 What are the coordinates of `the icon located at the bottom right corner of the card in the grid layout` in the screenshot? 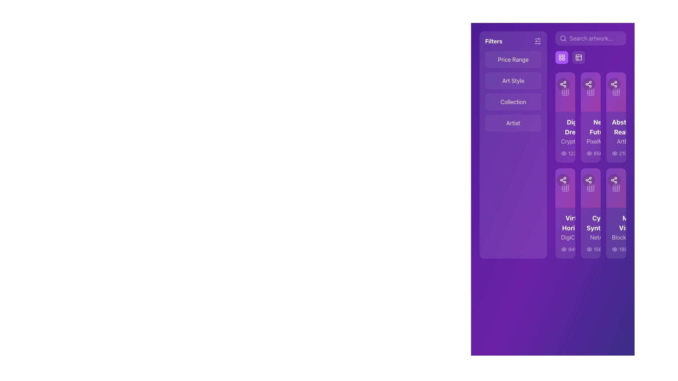 It's located at (623, 249).